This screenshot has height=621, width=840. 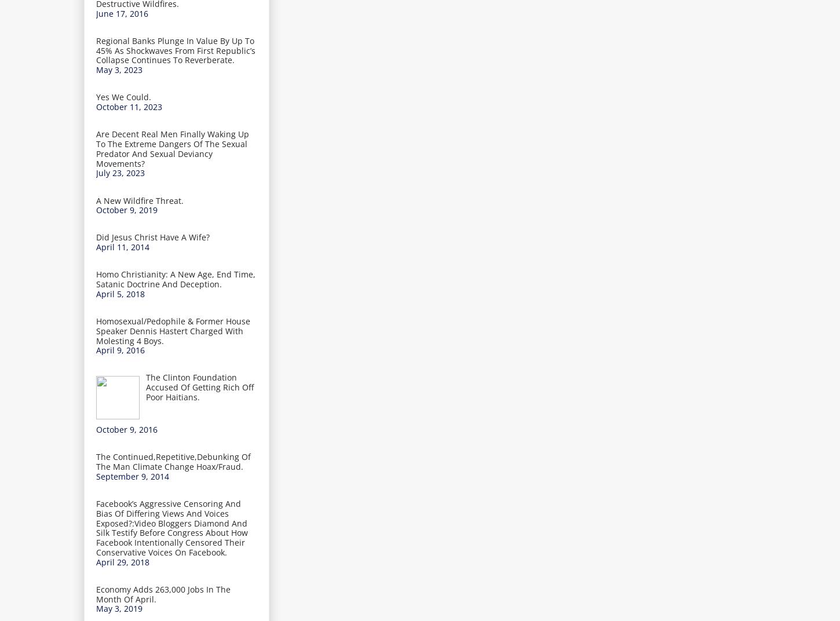 I want to click on 'Economy Adds 263,000 Jobs In The Month Of April.', so click(x=96, y=594).